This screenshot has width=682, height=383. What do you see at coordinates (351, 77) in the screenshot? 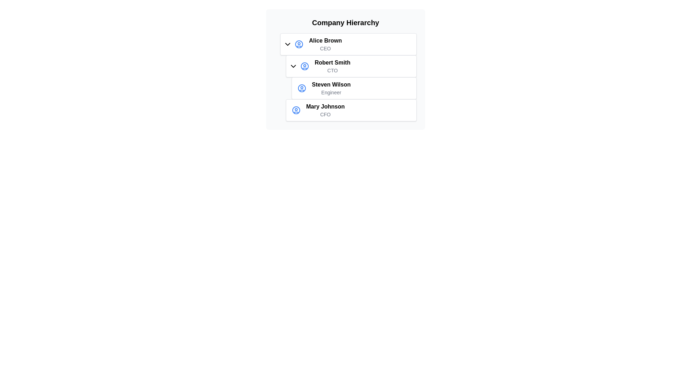
I see `the Informational Label displaying 'Robert Smith' and 'CTO' by pressing the tab key` at bounding box center [351, 77].